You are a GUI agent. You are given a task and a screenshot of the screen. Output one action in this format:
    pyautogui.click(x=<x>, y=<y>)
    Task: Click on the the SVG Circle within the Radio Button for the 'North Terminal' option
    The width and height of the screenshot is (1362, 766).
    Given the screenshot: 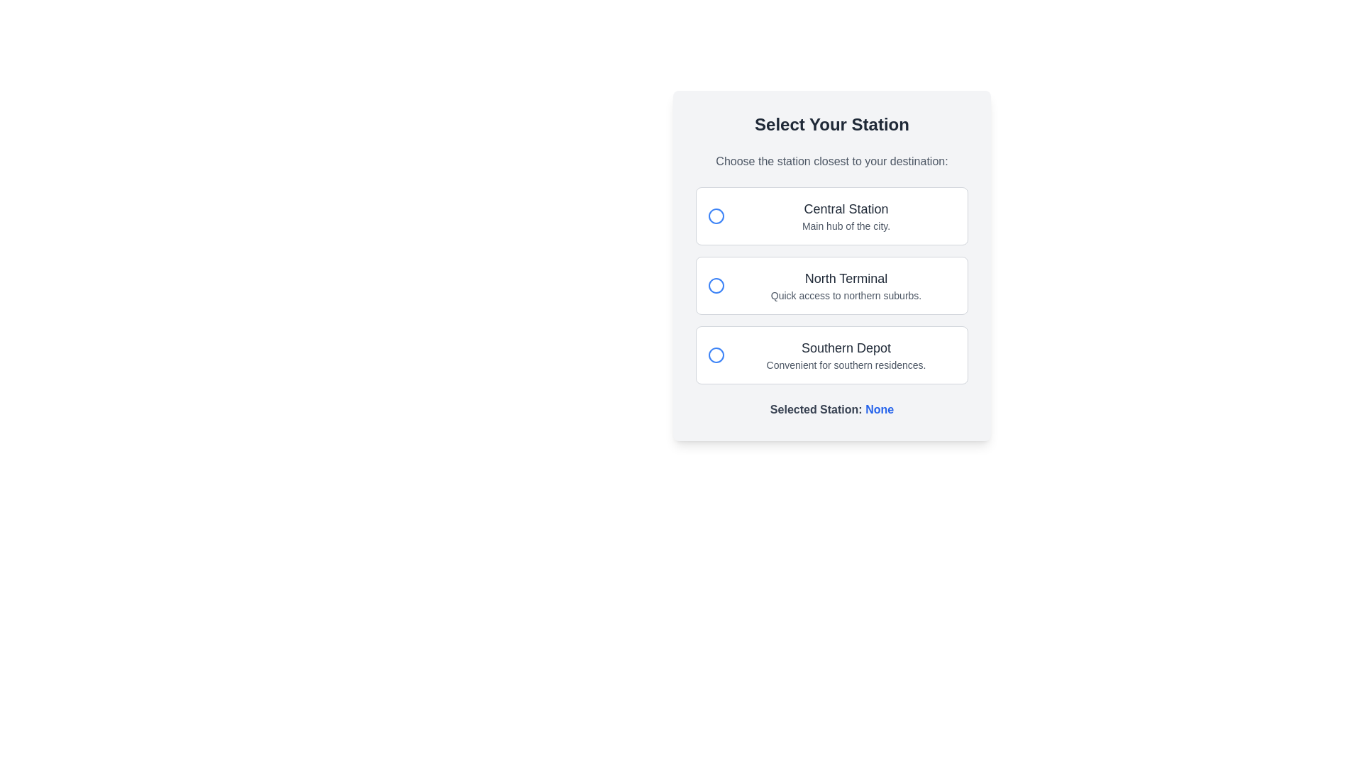 What is the action you would take?
    pyautogui.click(x=716, y=285)
    